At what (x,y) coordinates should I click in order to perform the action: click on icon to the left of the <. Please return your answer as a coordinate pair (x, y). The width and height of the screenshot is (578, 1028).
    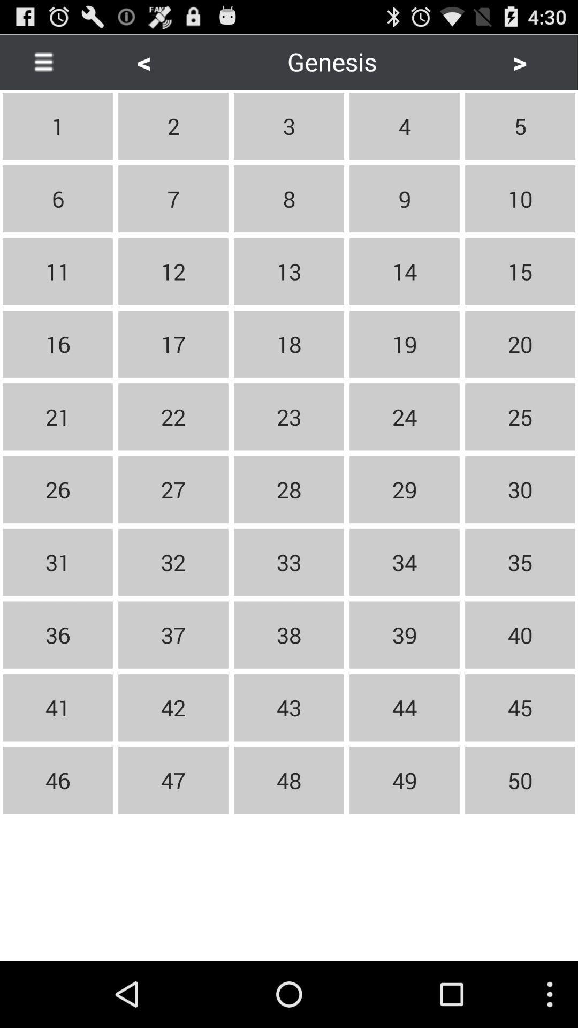
    Looking at the image, I should click on (43, 61).